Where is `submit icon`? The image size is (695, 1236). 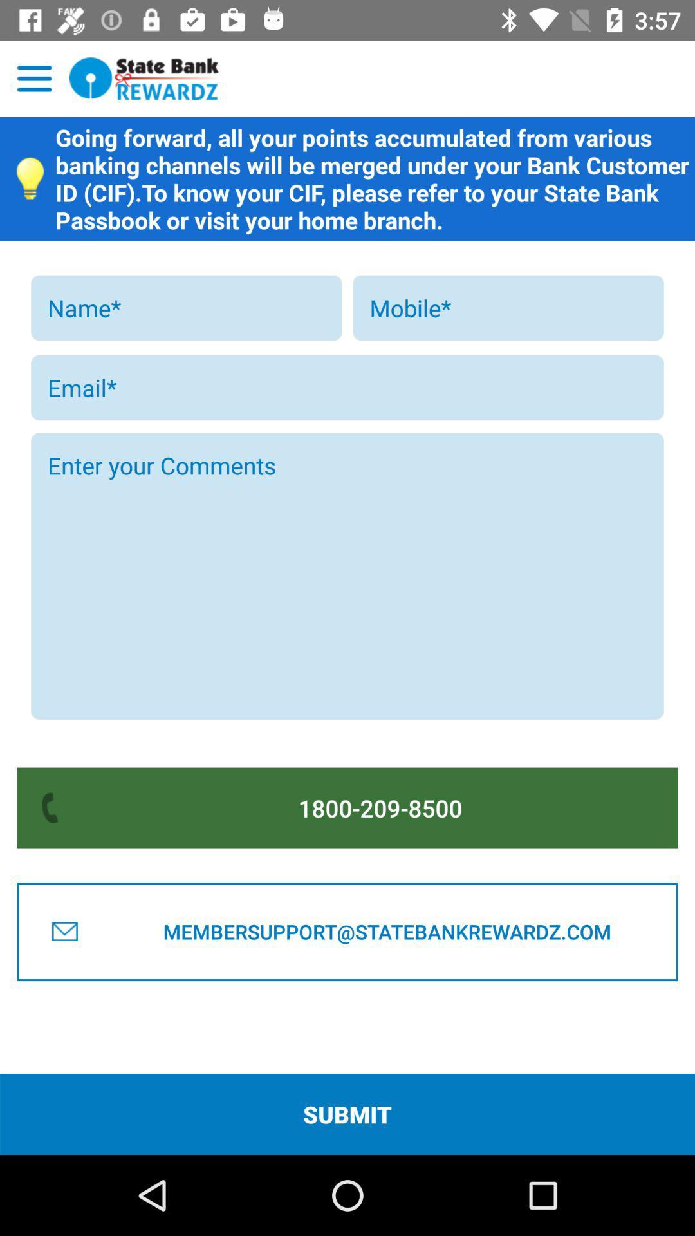
submit icon is located at coordinates (347, 1114).